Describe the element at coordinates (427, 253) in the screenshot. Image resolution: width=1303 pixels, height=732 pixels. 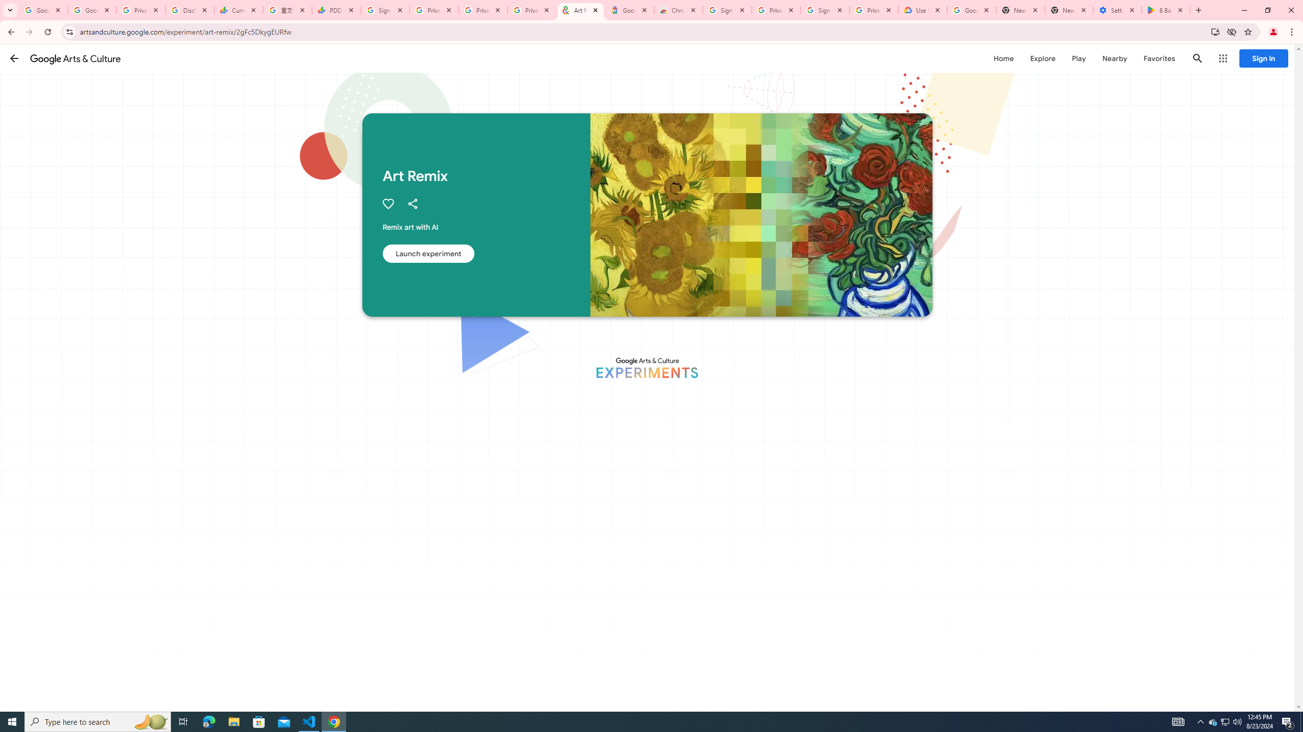
I see `'Launch experiment'` at that location.